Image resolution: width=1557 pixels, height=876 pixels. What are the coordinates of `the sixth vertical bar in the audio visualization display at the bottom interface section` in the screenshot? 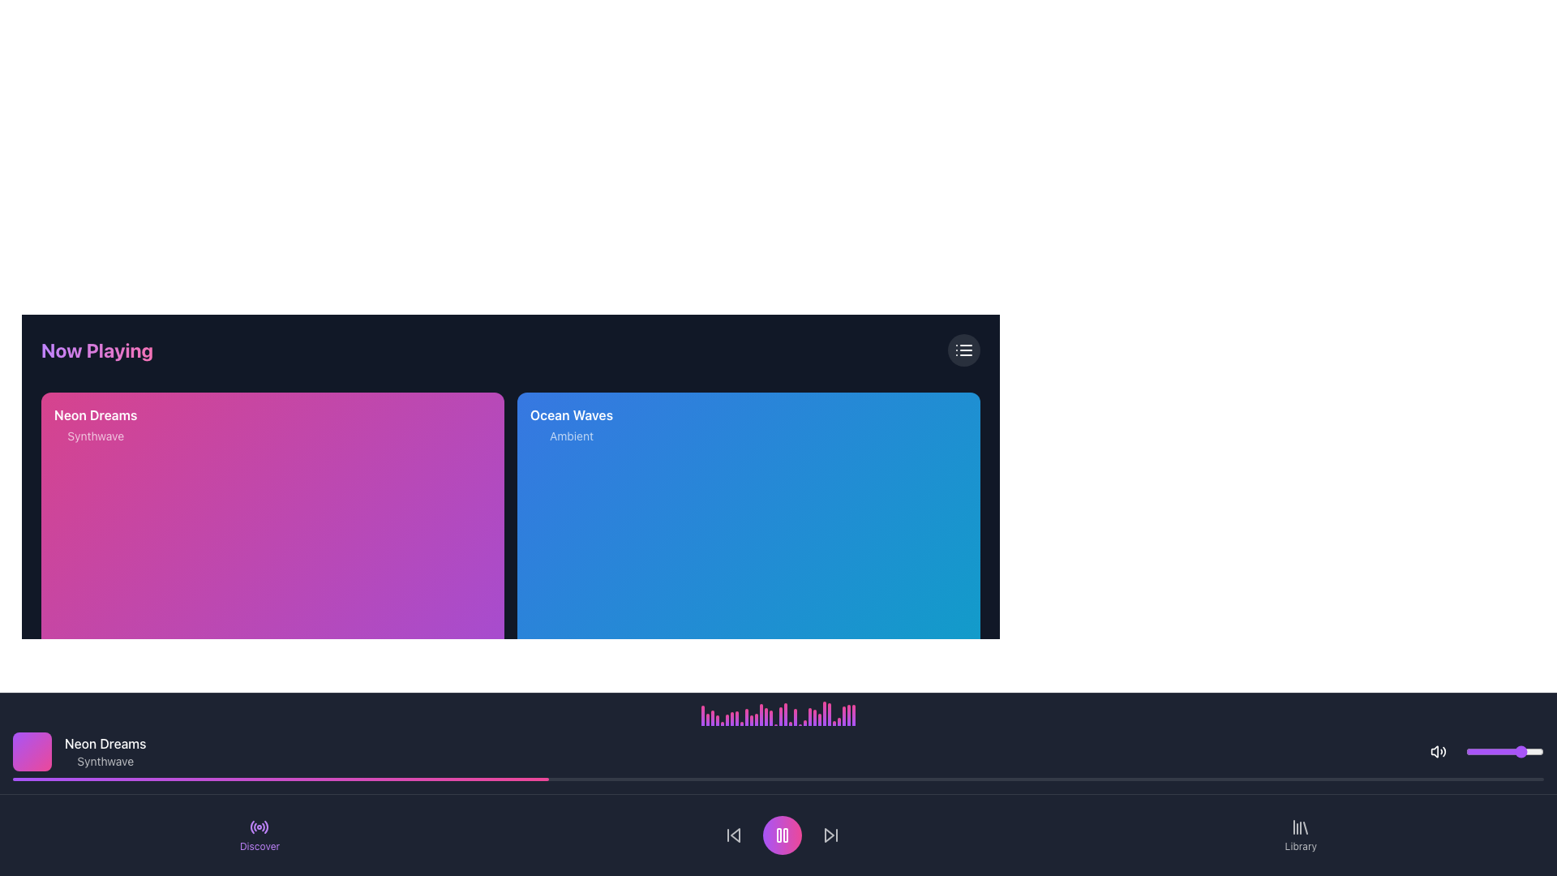 It's located at (727, 716).